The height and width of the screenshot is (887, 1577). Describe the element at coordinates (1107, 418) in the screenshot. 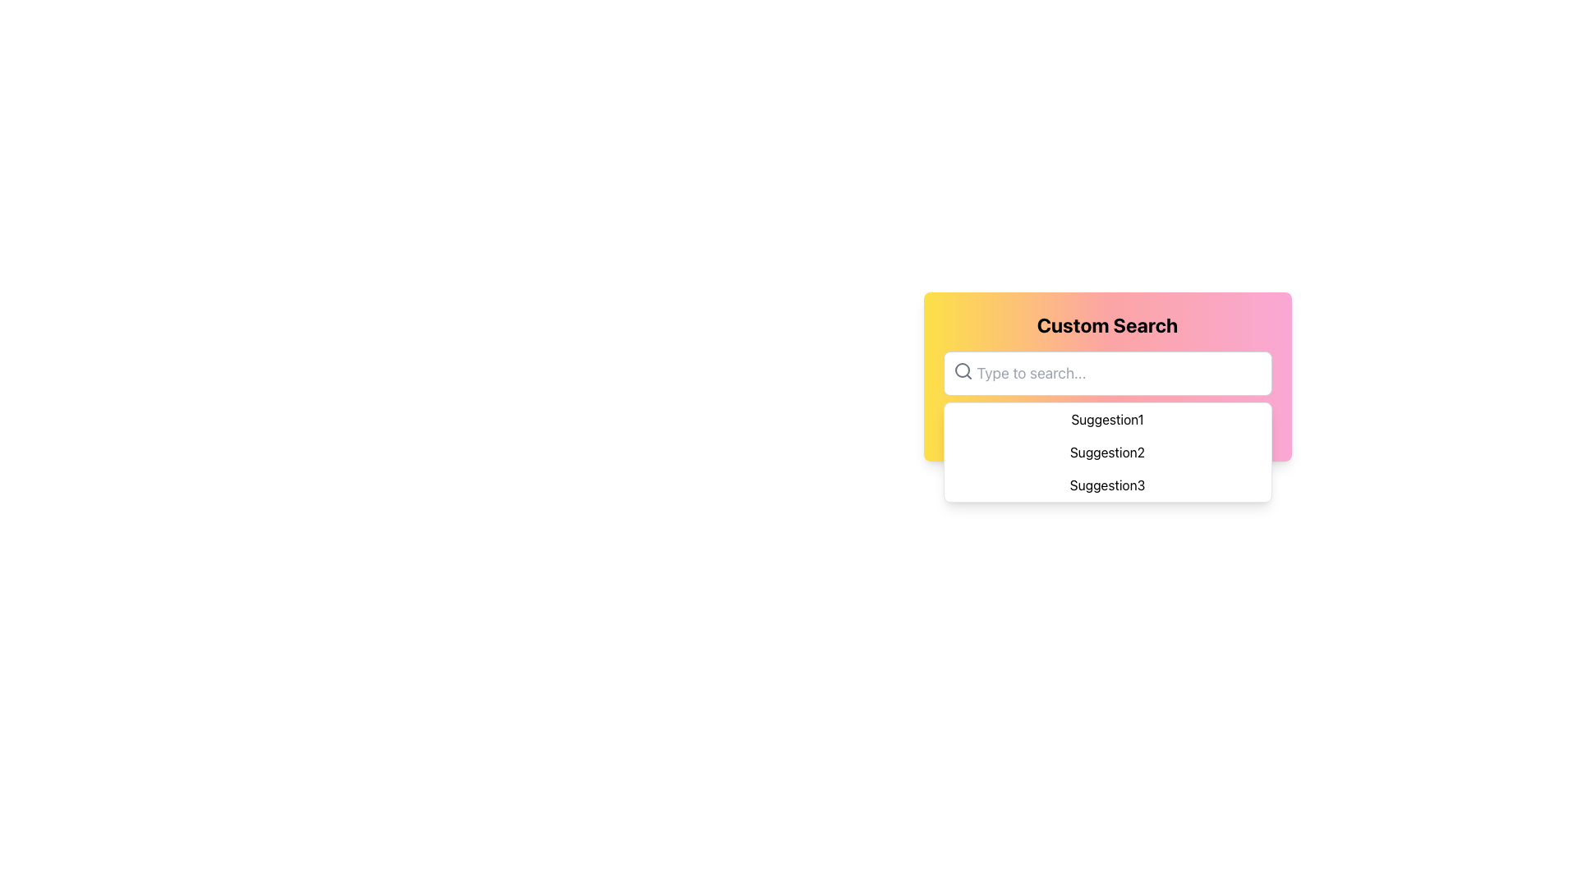

I see `the 'Suggestion1' text item in the dropdown menu` at that location.